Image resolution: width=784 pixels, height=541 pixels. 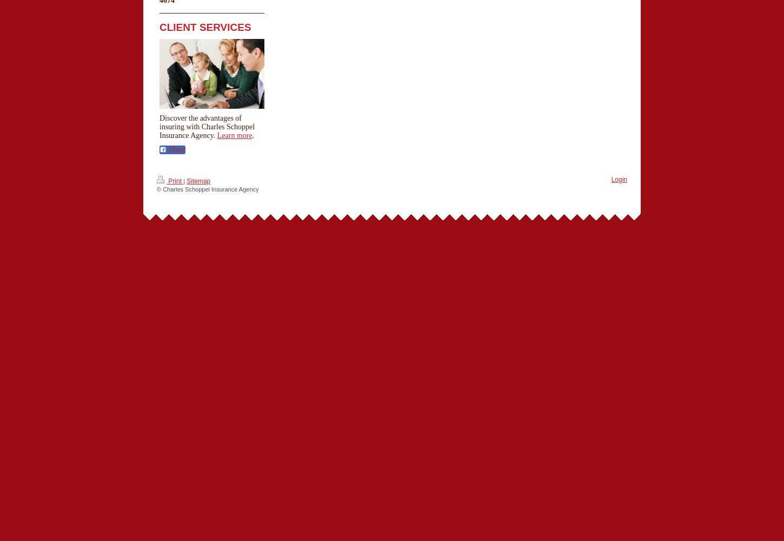 What do you see at coordinates (176, 149) in the screenshot?
I see `'Share'` at bounding box center [176, 149].